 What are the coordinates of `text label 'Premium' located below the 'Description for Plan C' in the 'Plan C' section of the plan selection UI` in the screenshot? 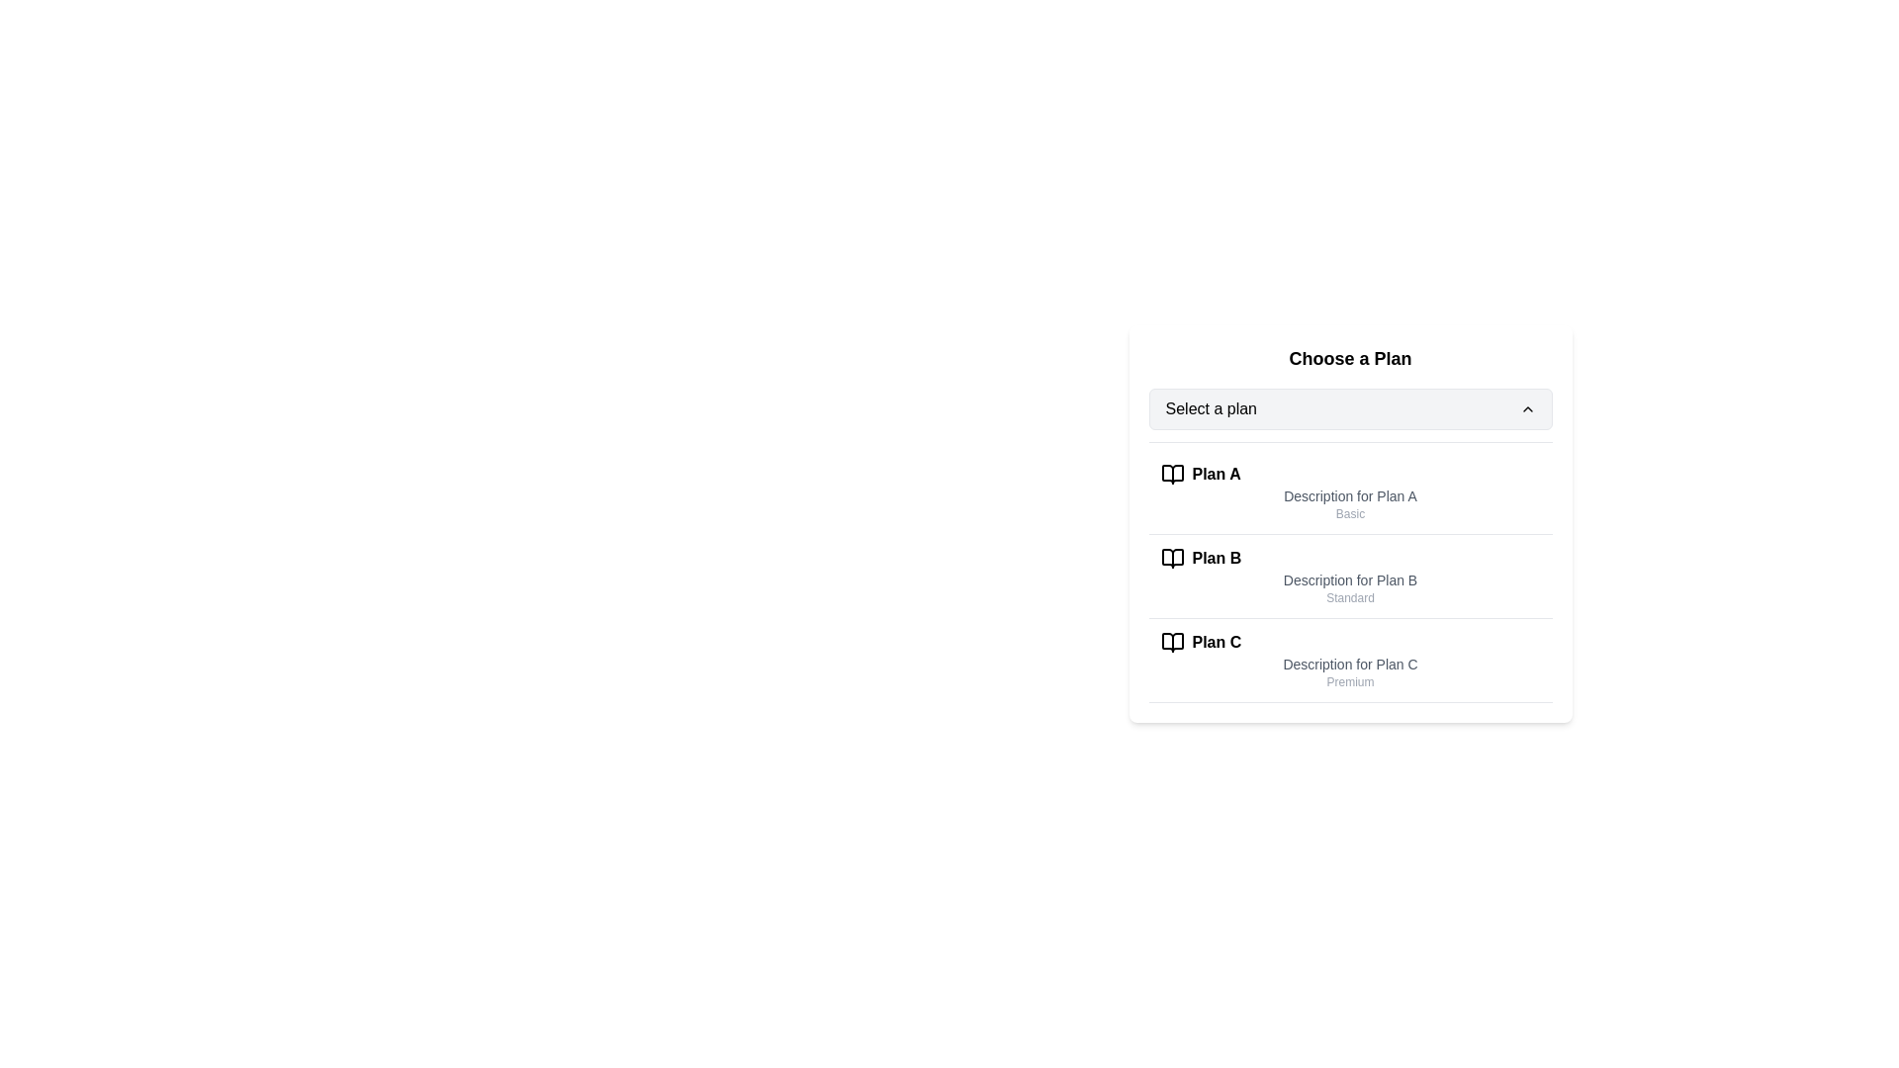 It's located at (1349, 681).